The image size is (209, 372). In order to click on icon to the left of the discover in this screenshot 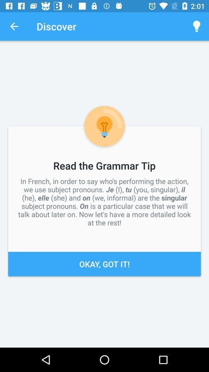, I will do `click(14, 26)`.